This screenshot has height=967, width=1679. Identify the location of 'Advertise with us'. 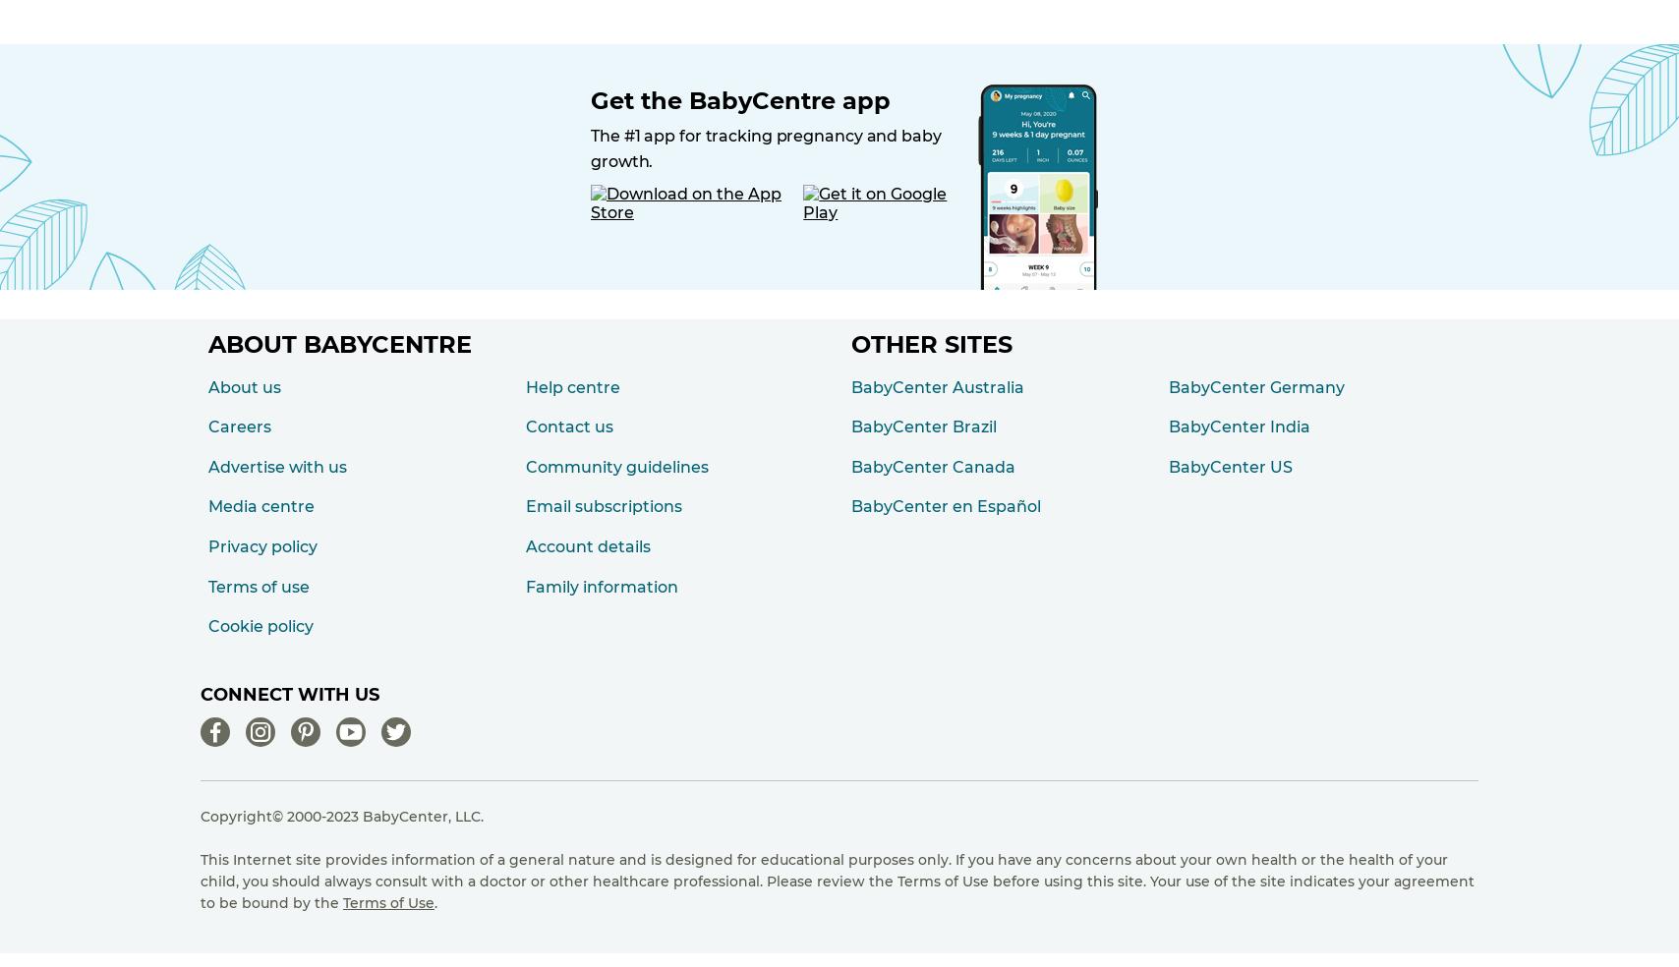
(277, 466).